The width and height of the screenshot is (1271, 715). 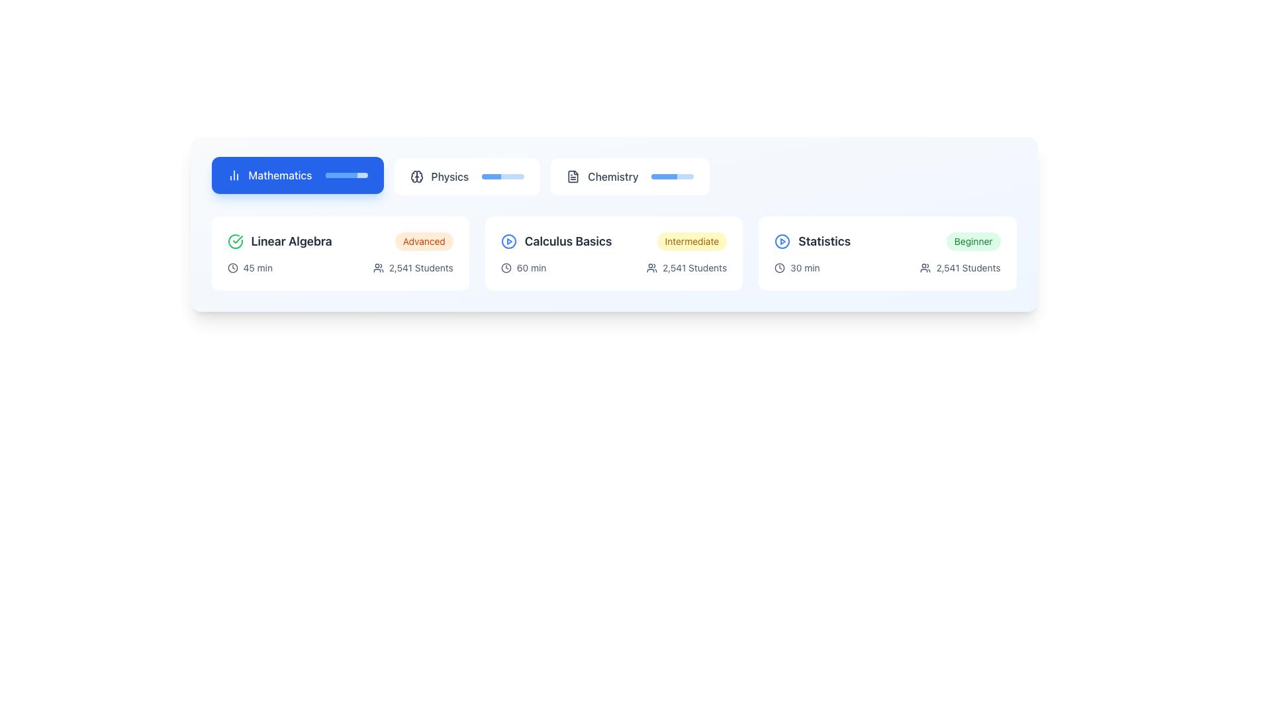 I want to click on the text label that indicates the course duration (60 minutes) located under the title 'Calculus Basics' in the second card from the left, so click(x=532, y=268).